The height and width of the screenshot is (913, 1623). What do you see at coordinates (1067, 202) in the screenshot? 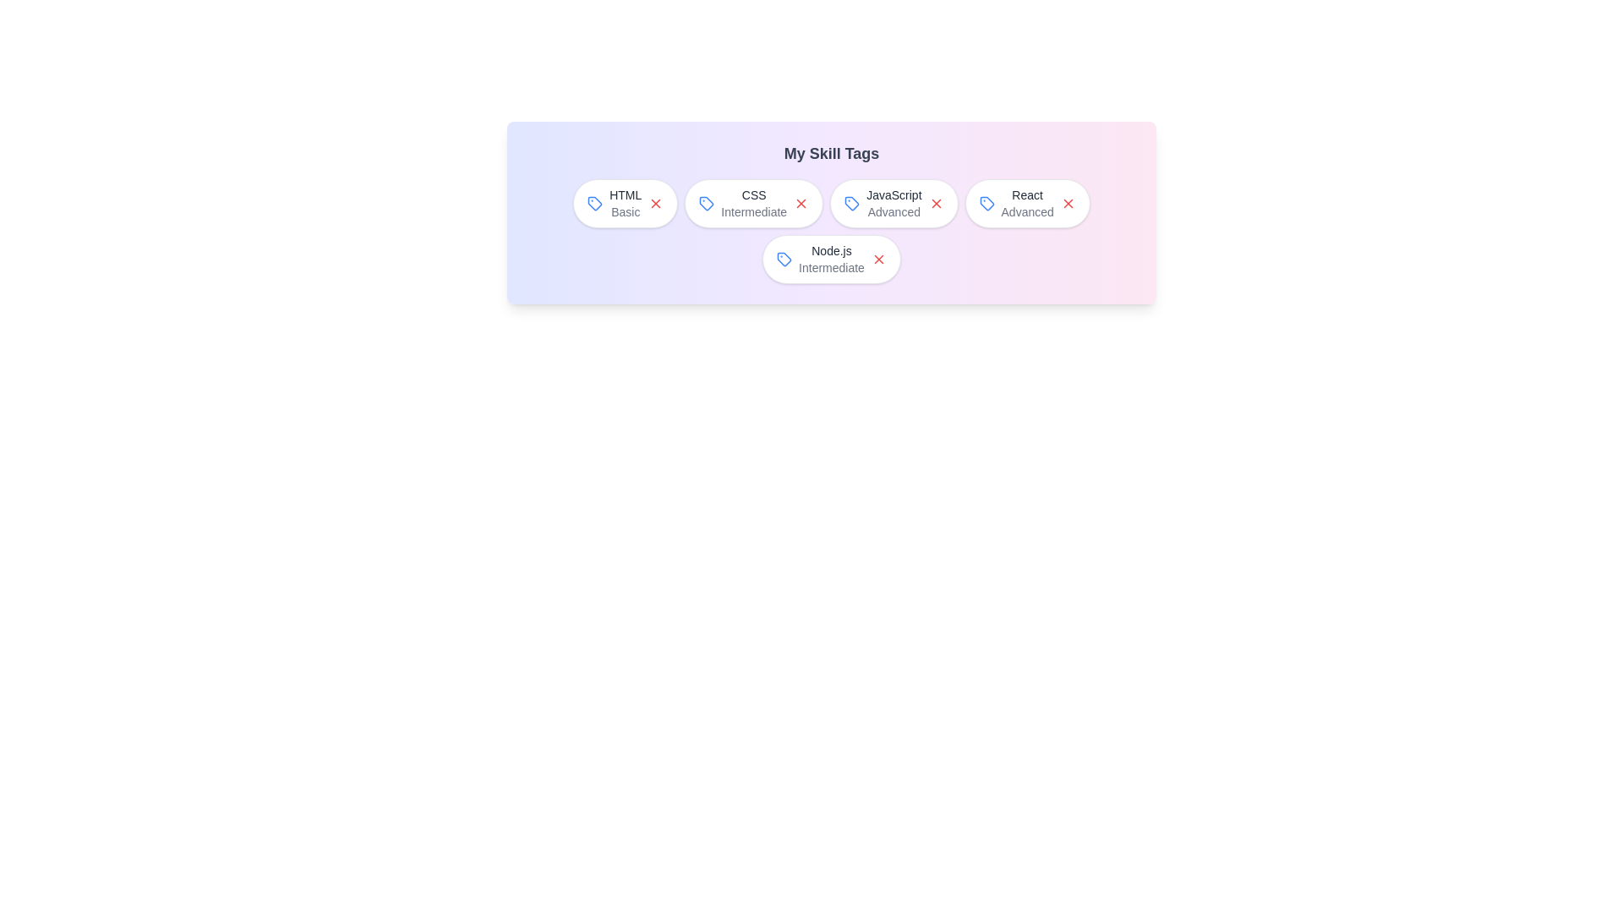
I see `close button of the skill tag with label React` at bounding box center [1067, 202].